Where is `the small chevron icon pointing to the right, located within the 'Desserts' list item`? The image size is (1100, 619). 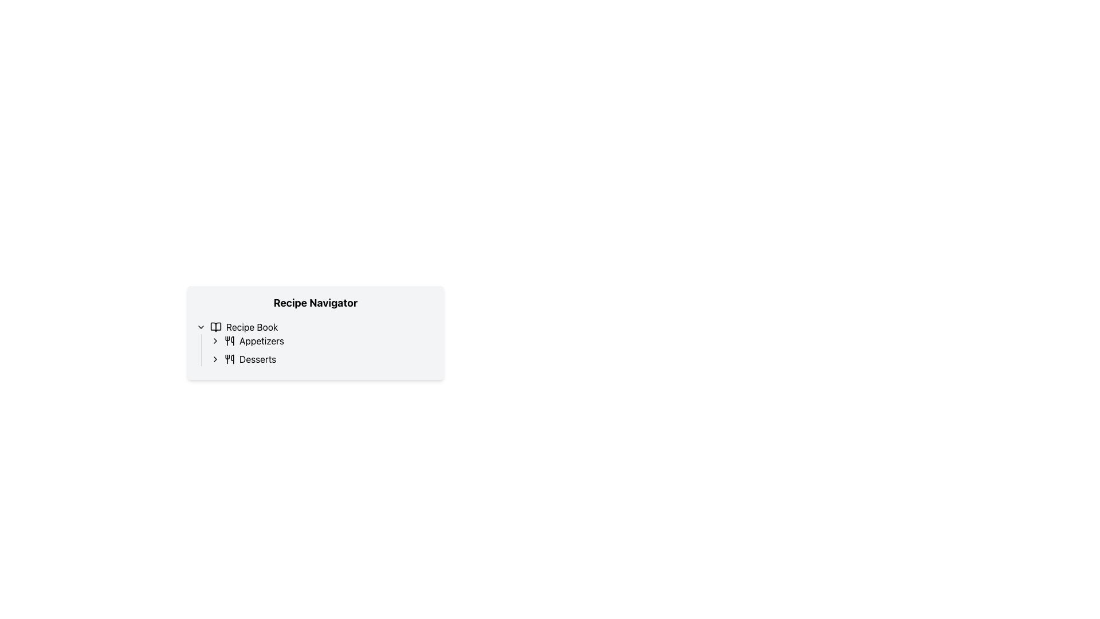
the small chevron icon pointing to the right, located within the 'Desserts' list item is located at coordinates (215, 359).